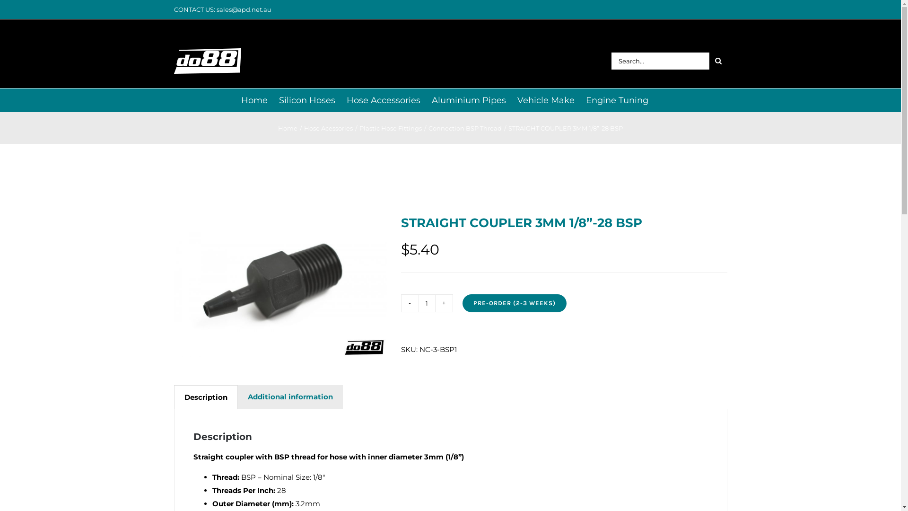 This screenshot has width=908, height=511. I want to click on 'Description', so click(174, 397).